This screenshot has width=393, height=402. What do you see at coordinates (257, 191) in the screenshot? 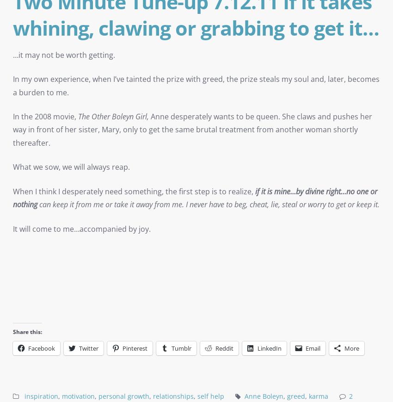
I see `'if'` at bounding box center [257, 191].